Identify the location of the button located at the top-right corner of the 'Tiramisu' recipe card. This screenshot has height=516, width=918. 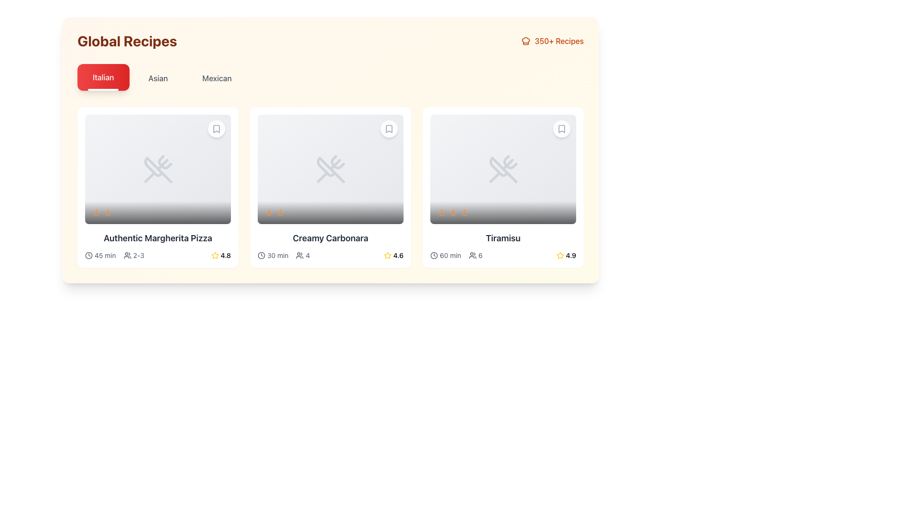
(562, 129).